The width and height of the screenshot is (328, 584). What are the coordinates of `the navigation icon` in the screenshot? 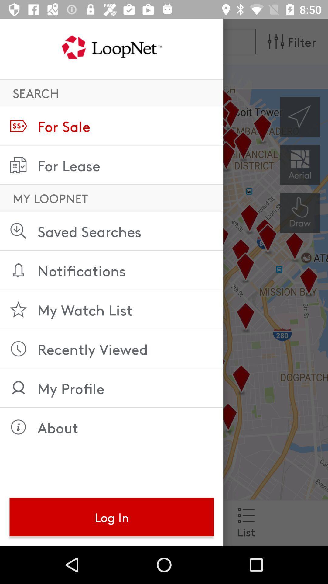 It's located at (300, 117).